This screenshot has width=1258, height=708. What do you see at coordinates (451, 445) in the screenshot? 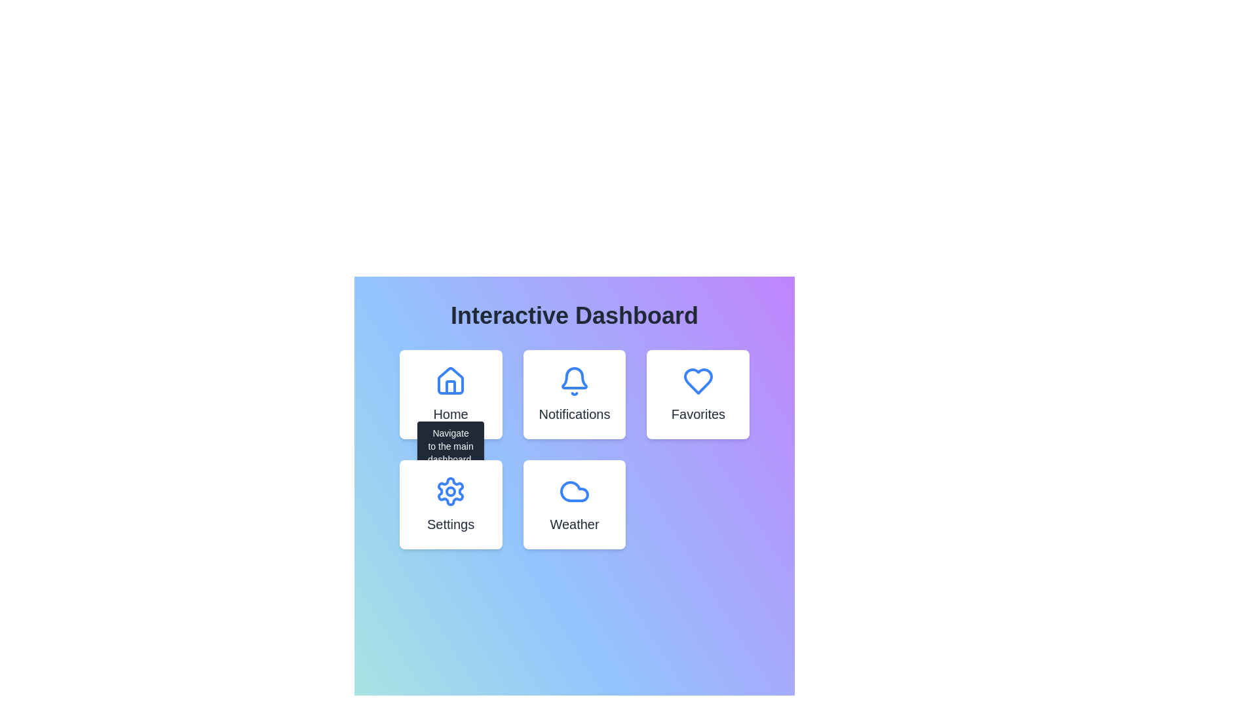
I see `text content of the tooltip that provides additional information about the 'Home' button, located below the 'Home' label in the dashboard interface` at bounding box center [451, 445].